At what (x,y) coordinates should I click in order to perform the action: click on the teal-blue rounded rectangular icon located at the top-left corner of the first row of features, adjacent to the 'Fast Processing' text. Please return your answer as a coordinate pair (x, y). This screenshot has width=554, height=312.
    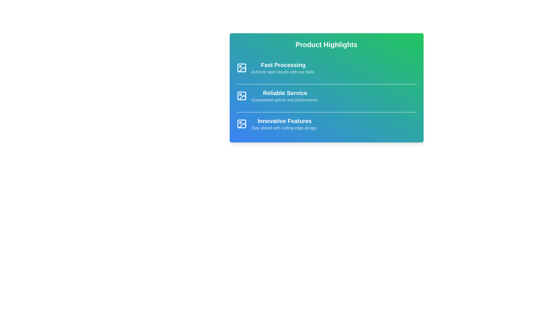
    Looking at the image, I should click on (242, 68).